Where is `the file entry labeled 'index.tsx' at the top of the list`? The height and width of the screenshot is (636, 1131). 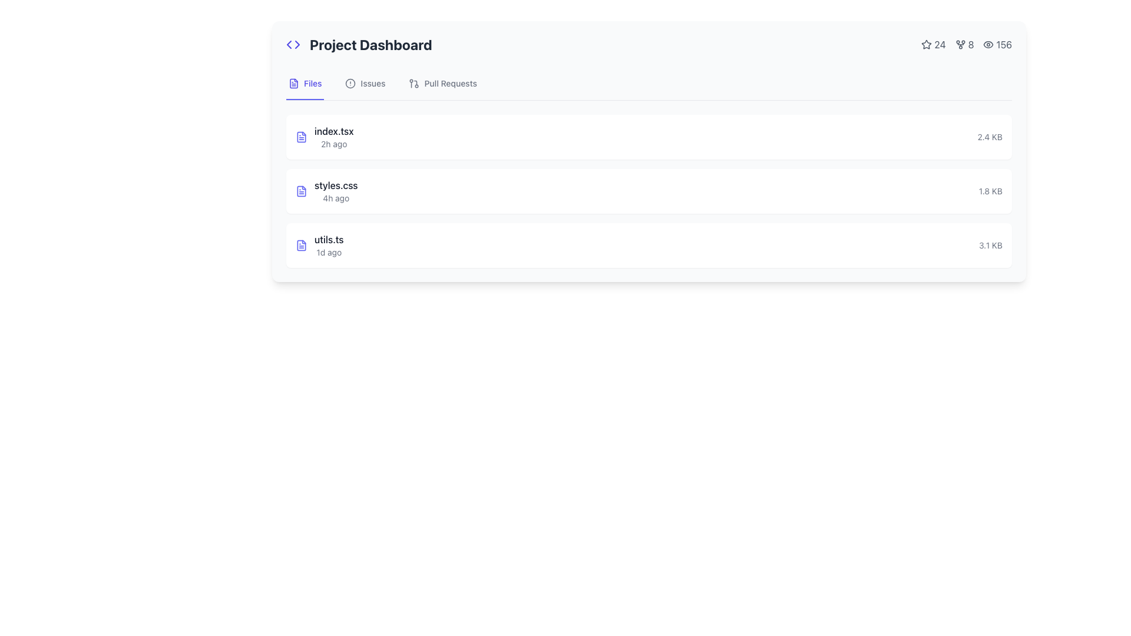 the file entry labeled 'index.tsx' at the top of the list is located at coordinates (649, 136).